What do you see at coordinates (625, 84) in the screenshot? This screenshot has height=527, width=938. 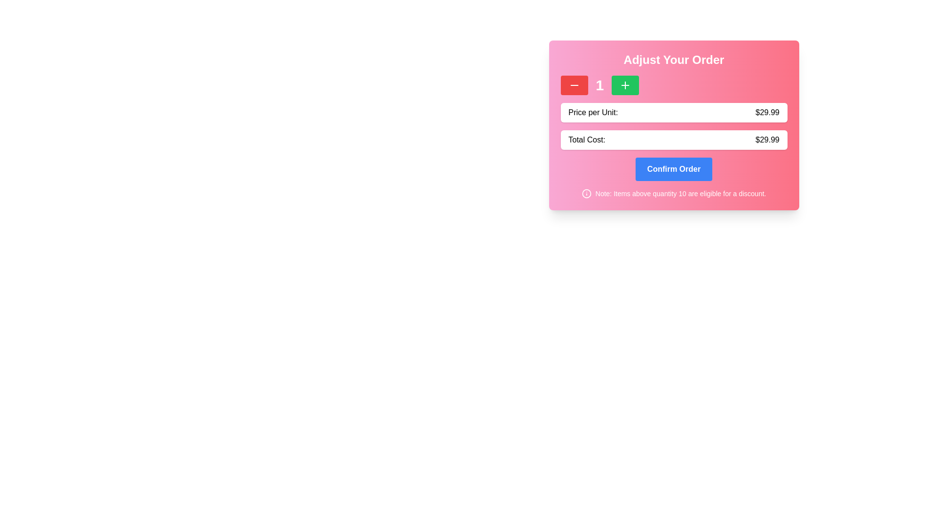 I see `the plus icon button with a green background and white outline located to the right of the quantity control section to increment the quantity` at bounding box center [625, 84].